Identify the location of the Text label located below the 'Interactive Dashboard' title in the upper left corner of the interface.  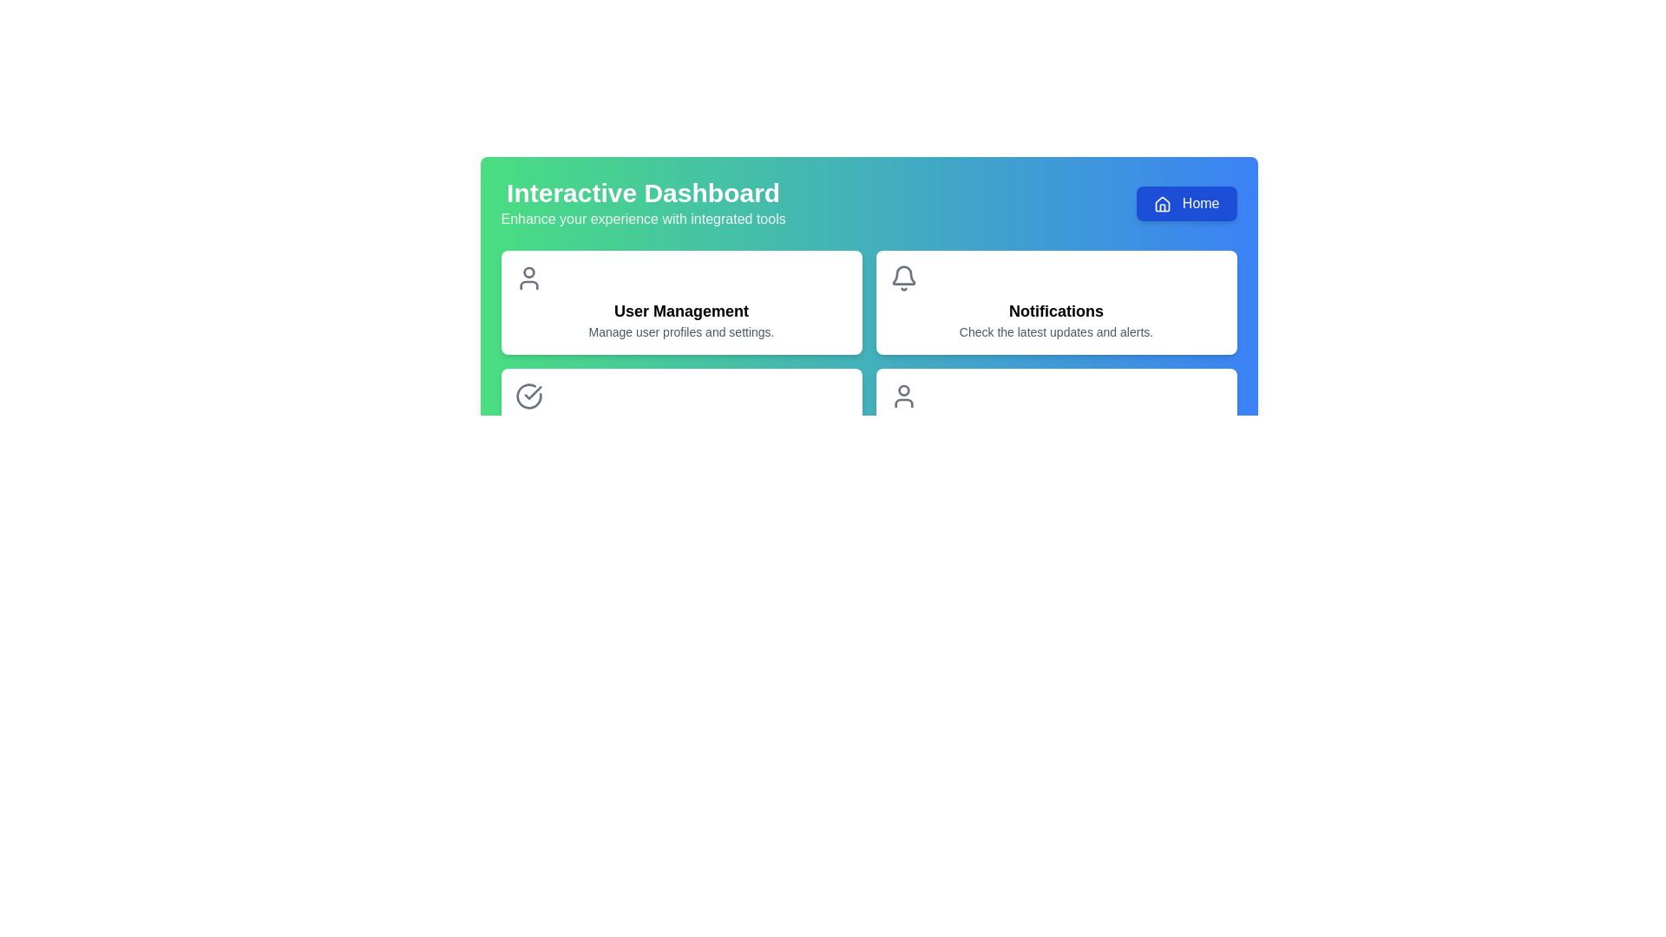
(642, 219).